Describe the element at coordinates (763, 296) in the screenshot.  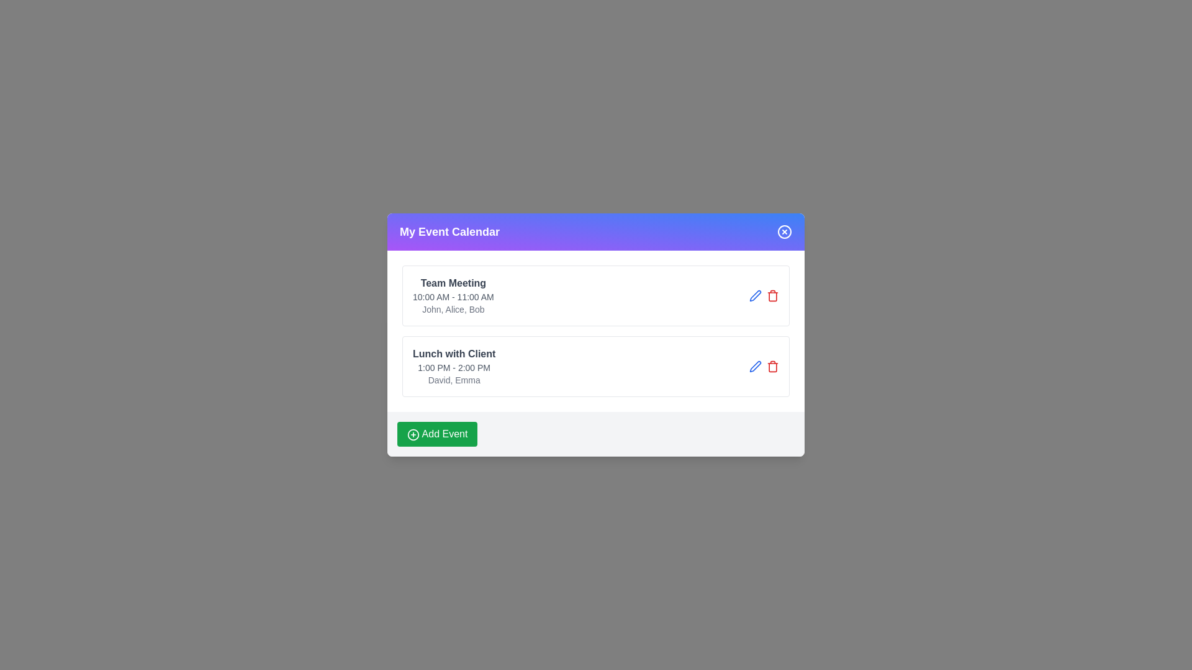
I see `the red delete icon in the interactive button group located at the top right corner of the 'Team Meeting' card` at that location.